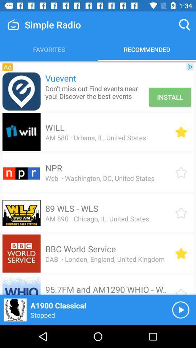 The height and width of the screenshot is (348, 196). What do you see at coordinates (72, 208) in the screenshot?
I see `icon above am 890 chicago icon` at bounding box center [72, 208].